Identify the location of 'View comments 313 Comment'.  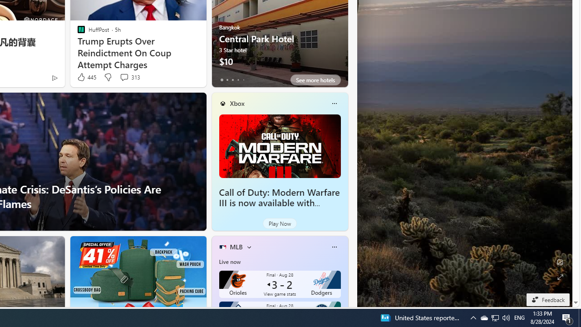
(123, 76).